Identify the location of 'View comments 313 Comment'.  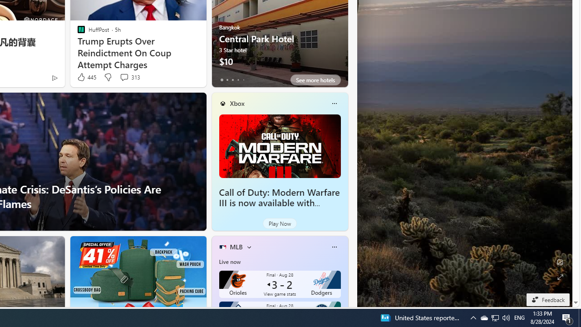
(123, 76).